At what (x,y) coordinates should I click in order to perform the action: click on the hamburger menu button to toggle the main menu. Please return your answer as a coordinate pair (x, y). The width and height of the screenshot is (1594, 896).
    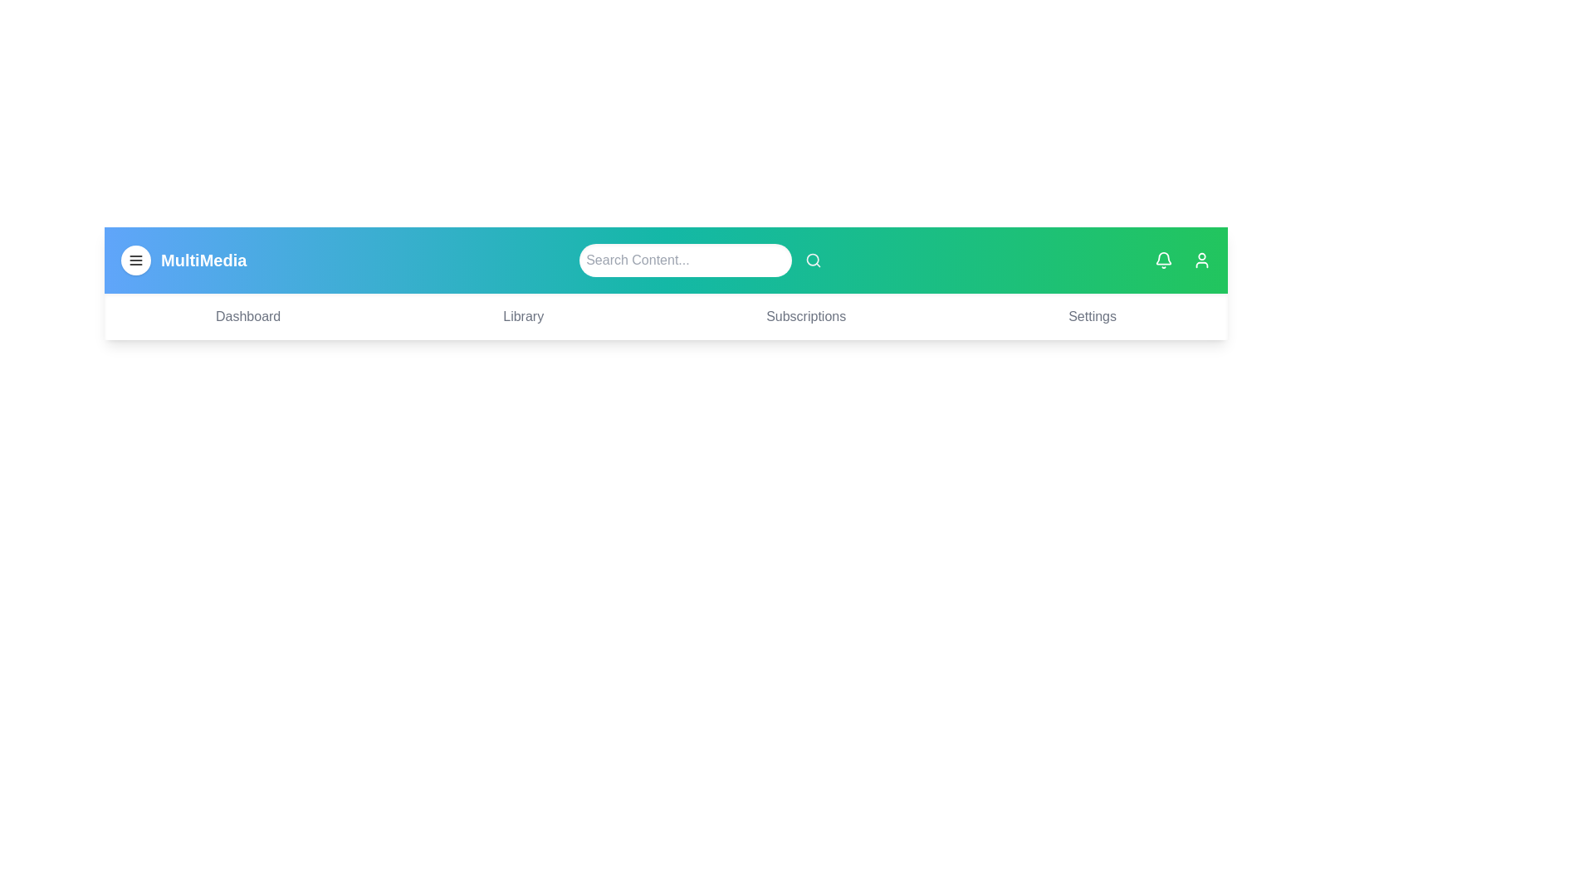
    Looking at the image, I should click on (135, 260).